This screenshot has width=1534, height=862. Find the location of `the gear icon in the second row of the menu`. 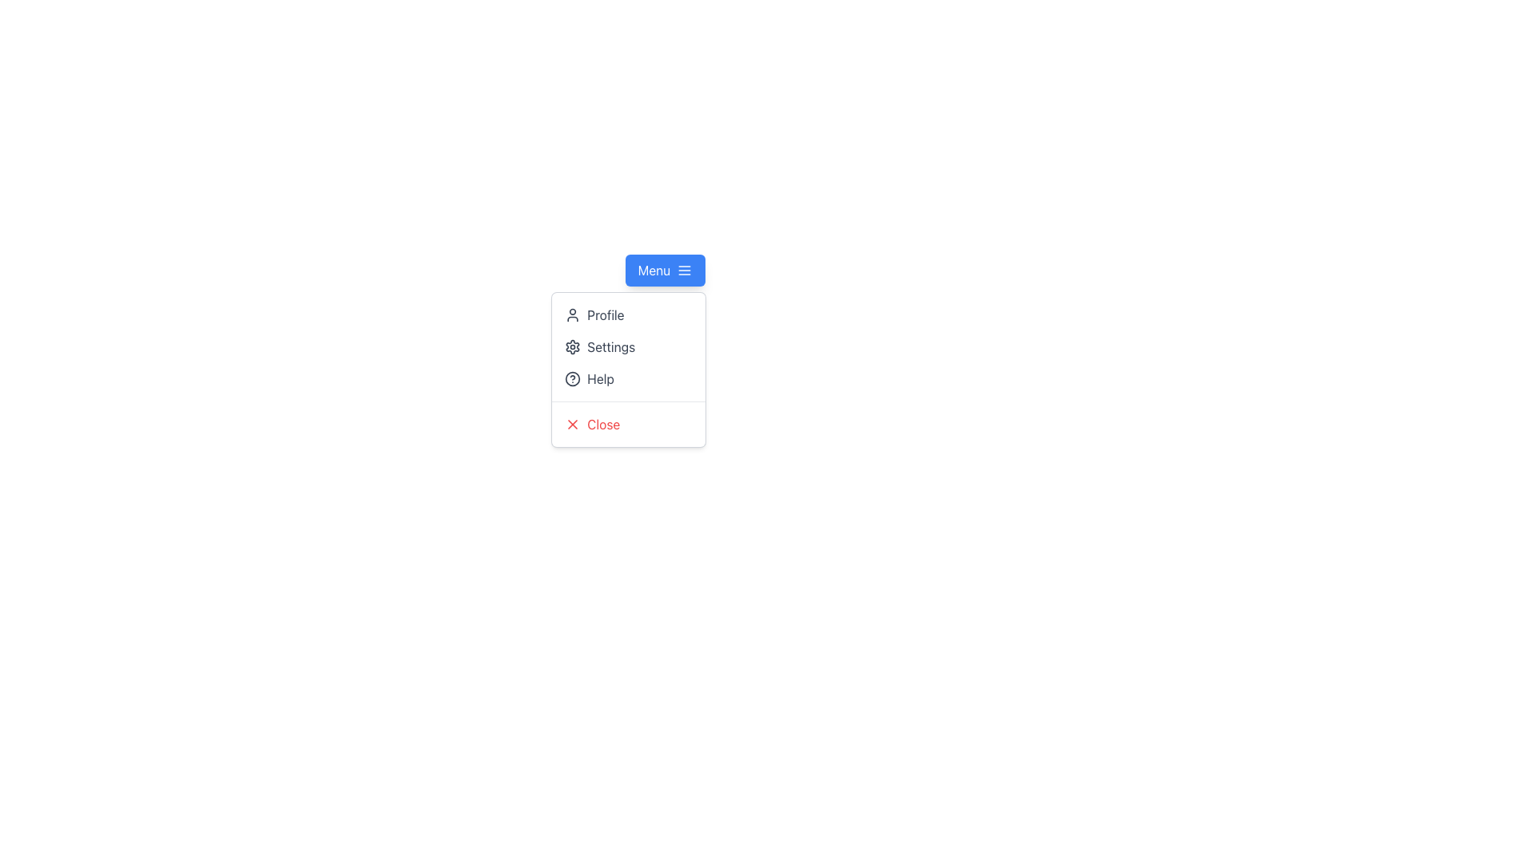

the gear icon in the second row of the menu is located at coordinates (573, 346).